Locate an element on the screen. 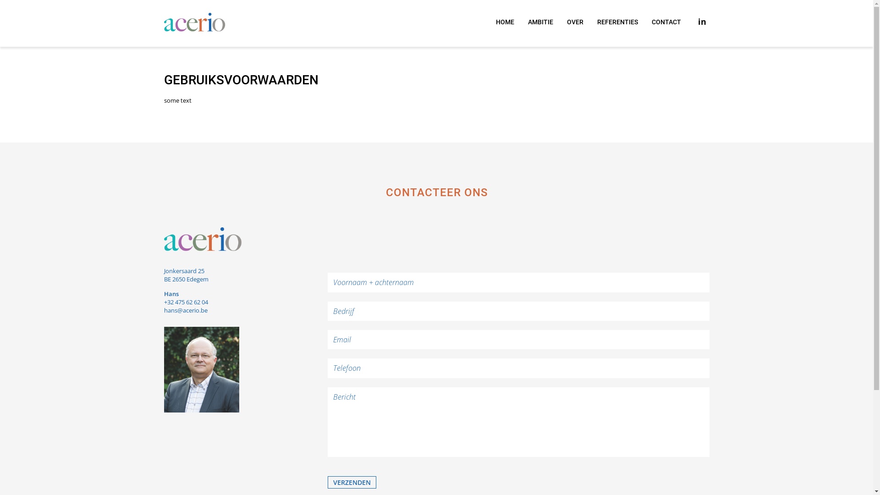 Image resolution: width=880 pixels, height=495 pixels. 'verzenden' is located at coordinates (351, 482).